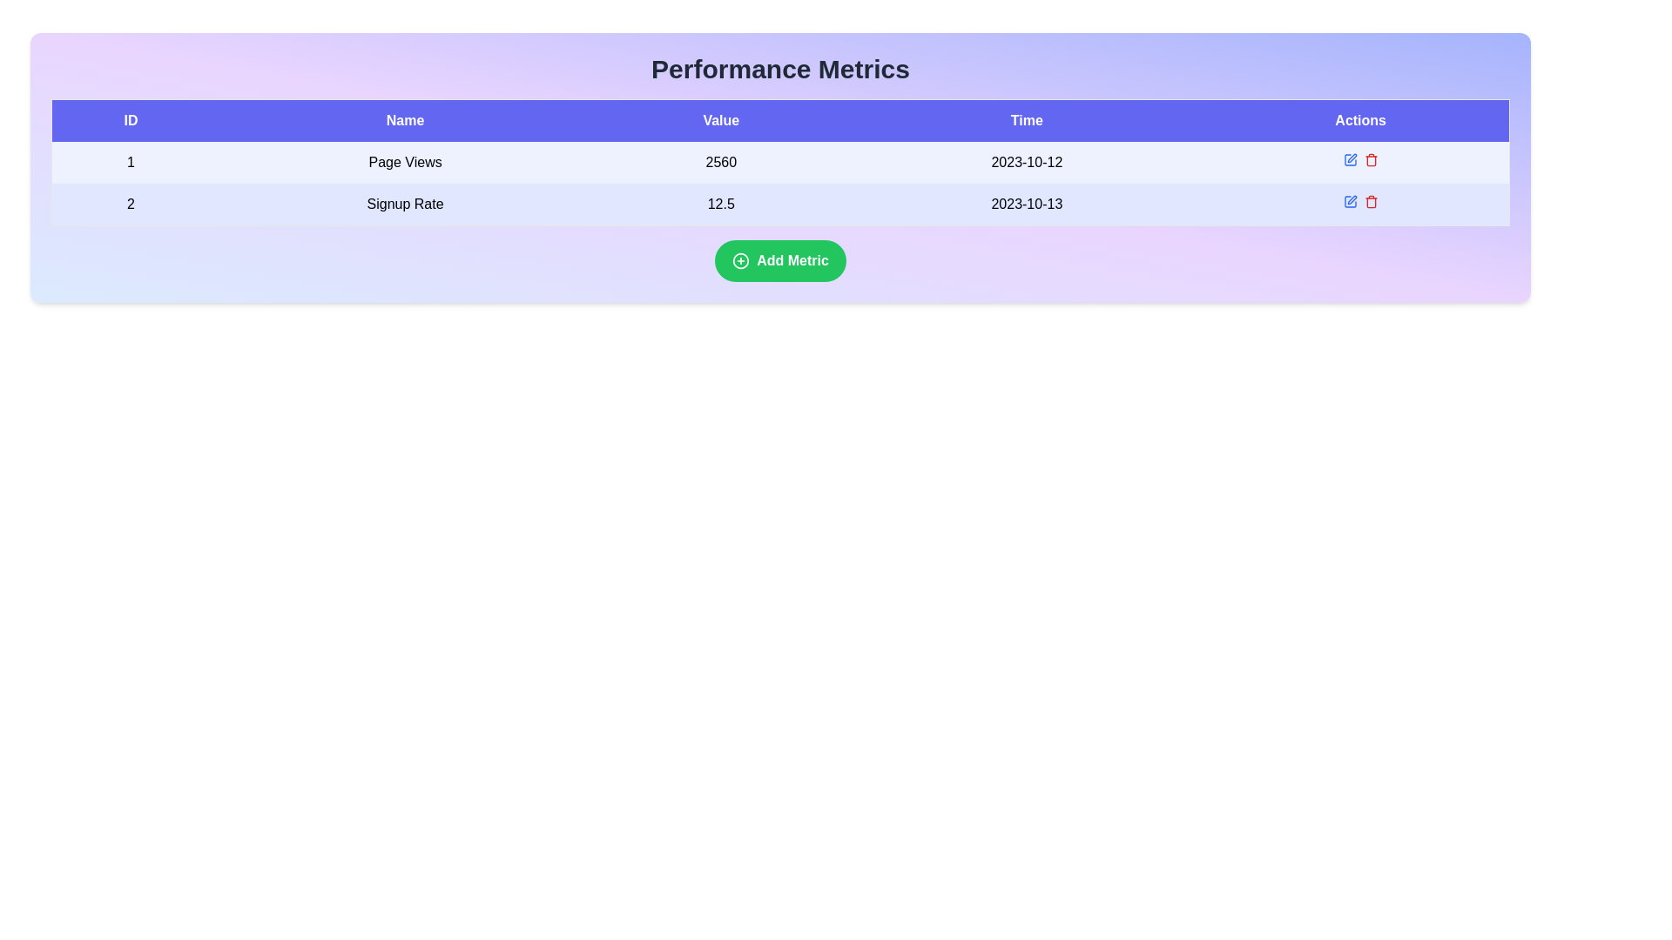 The height and width of the screenshot is (940, 1672). I want to click on the 'Actions' table header cell, which is the last column header in the table, located at the top right corner adjacent to the 'Time' column, so click(1359, 119).